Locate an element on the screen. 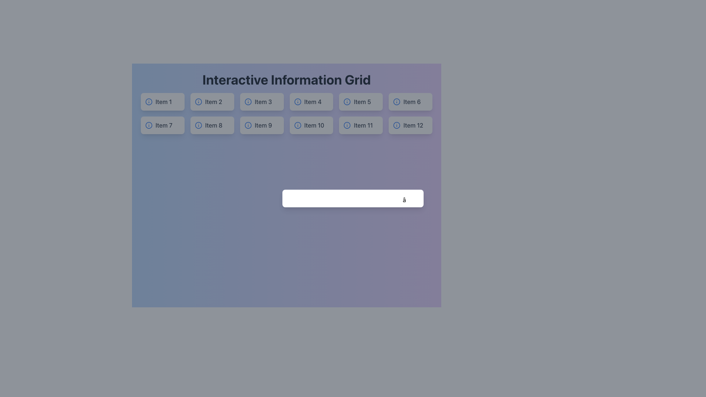 The image size is (706, 397). the interactive card labeled 'Item 10' which features a blue circular info icon, located in the second row, fourth column of the grid layout is located at coordinates (311, 125).